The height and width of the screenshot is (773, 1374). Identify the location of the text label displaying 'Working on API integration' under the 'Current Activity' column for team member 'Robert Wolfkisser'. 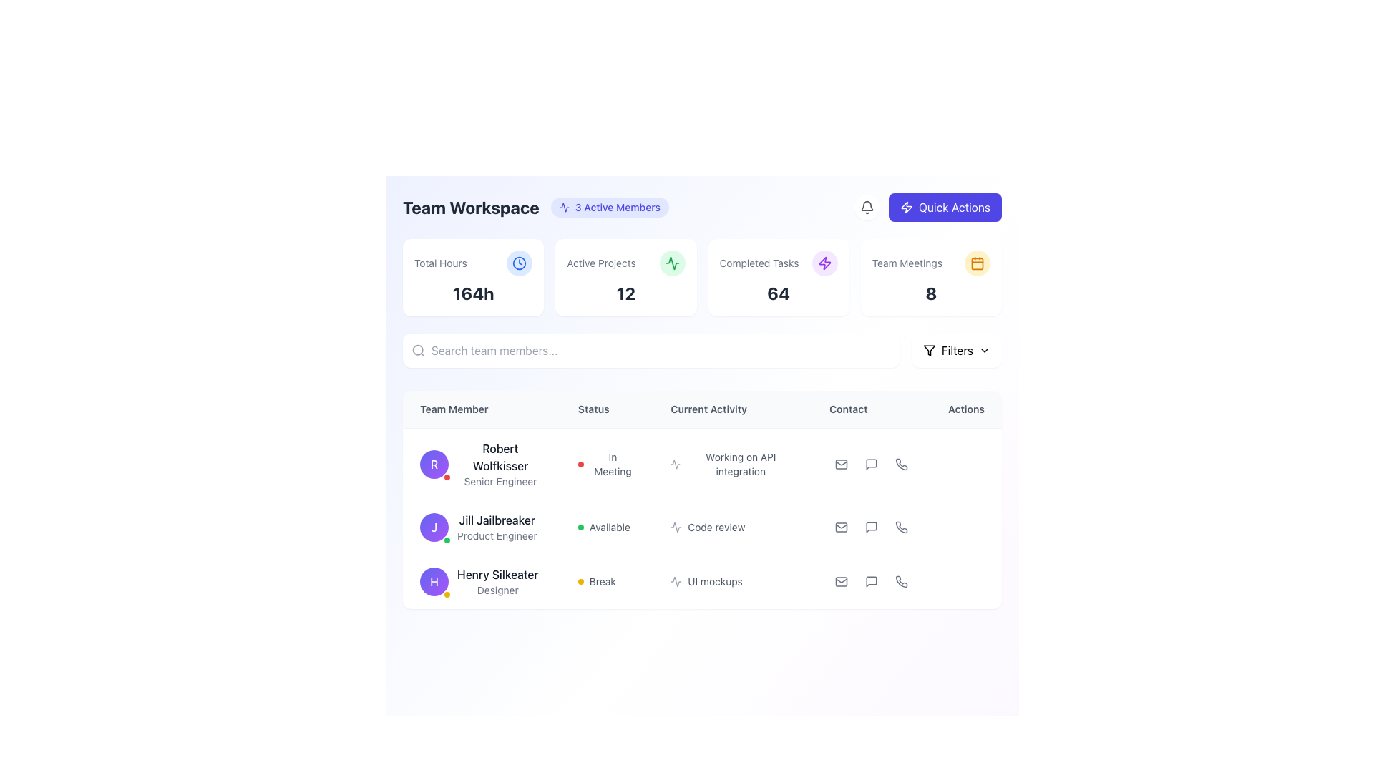
(741, 464).